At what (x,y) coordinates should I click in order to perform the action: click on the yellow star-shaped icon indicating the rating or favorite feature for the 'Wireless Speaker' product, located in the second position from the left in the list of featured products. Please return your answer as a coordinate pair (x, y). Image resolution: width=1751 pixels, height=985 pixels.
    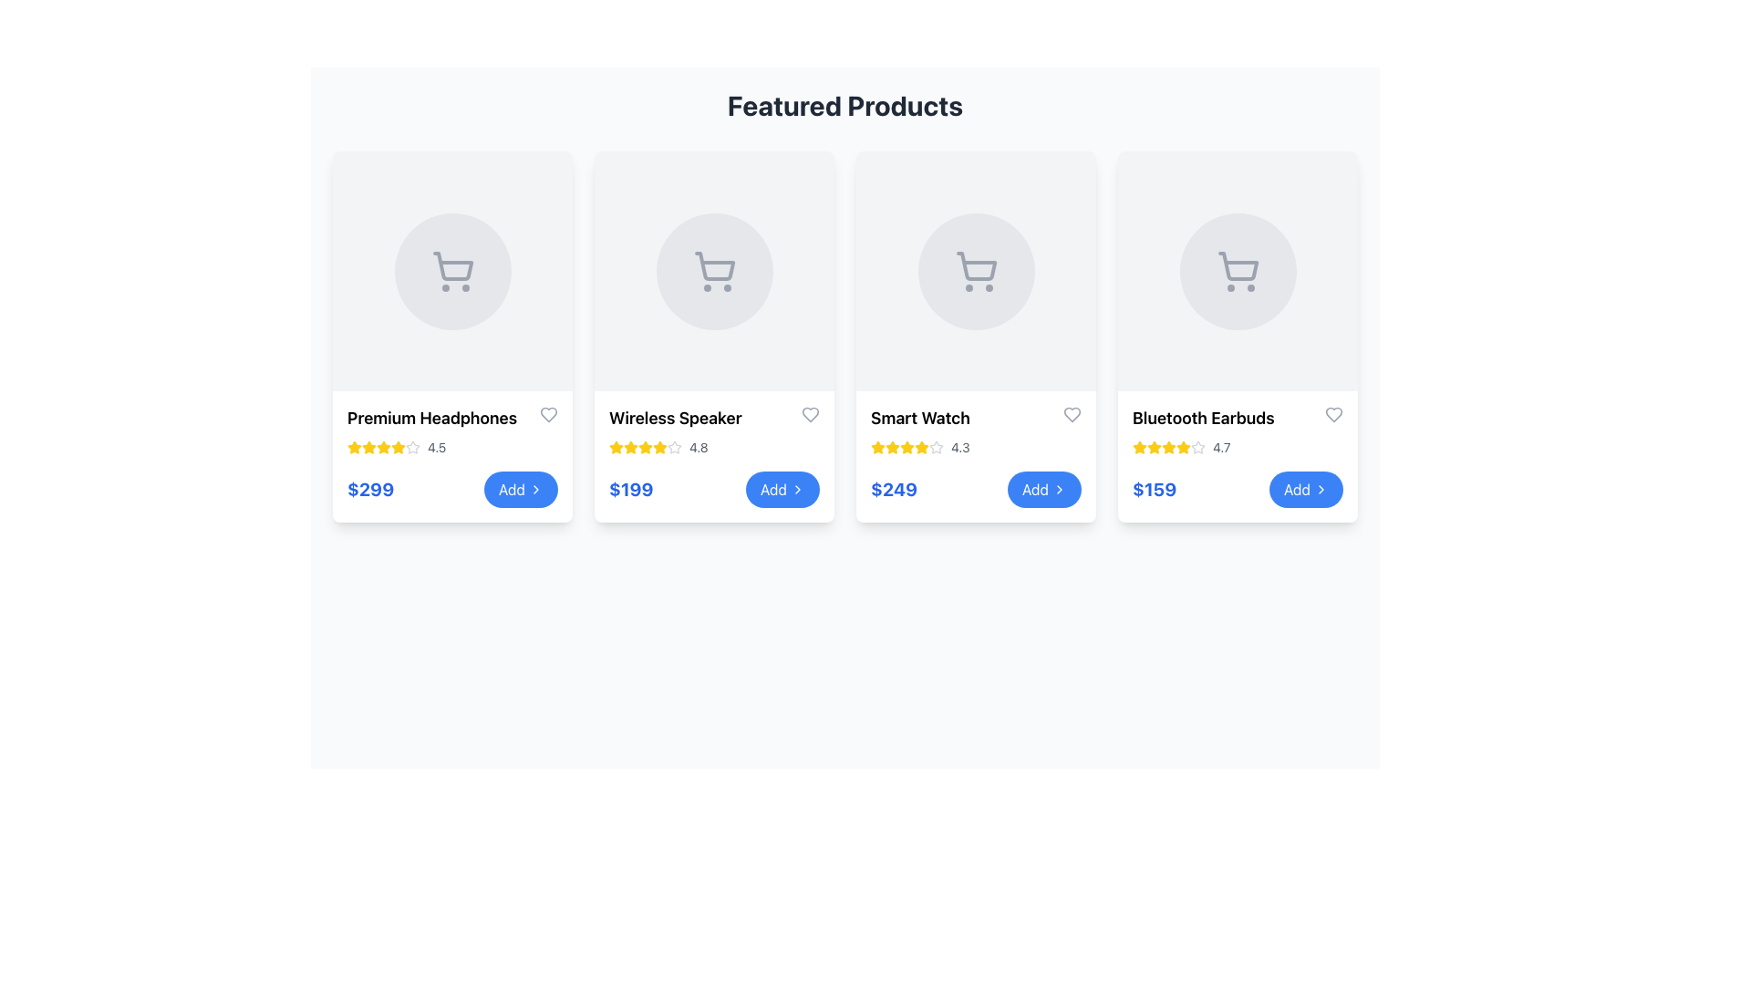
    Looking at the image, I should click on (659, 447).